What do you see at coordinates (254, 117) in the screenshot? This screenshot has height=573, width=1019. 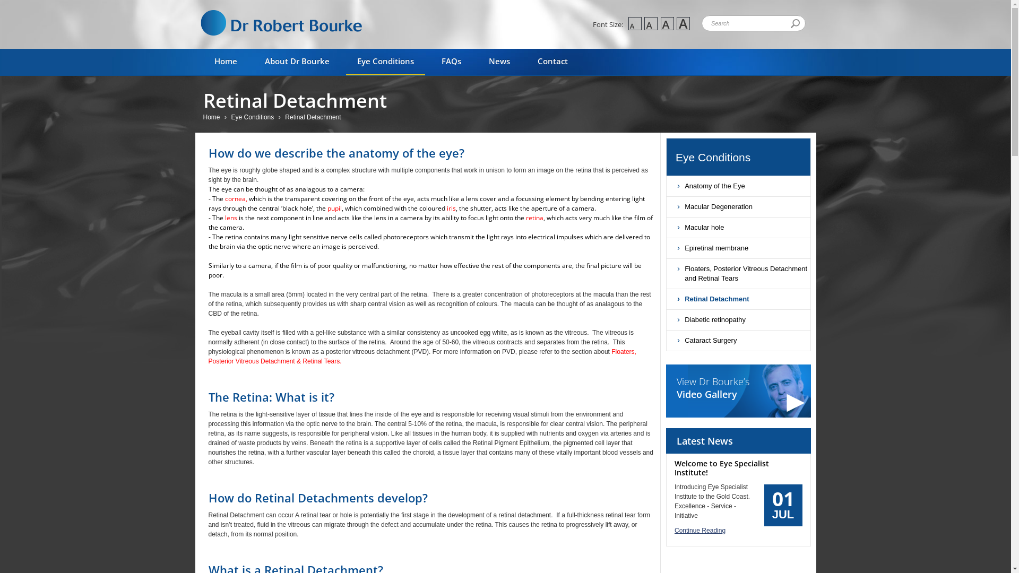 I see `'Eye Conditions'` at bounding box center [254, 117].